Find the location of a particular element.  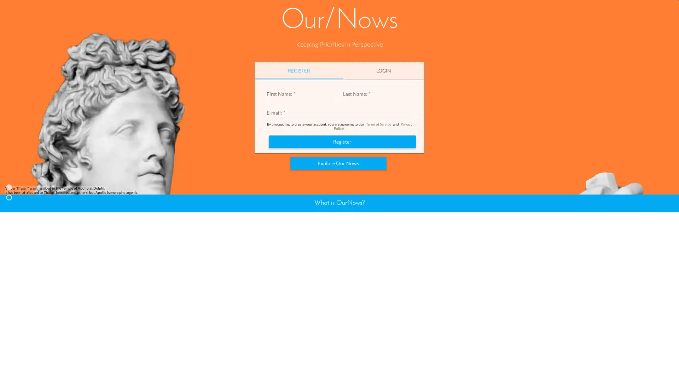

Register is located at coordinates (342, 226).